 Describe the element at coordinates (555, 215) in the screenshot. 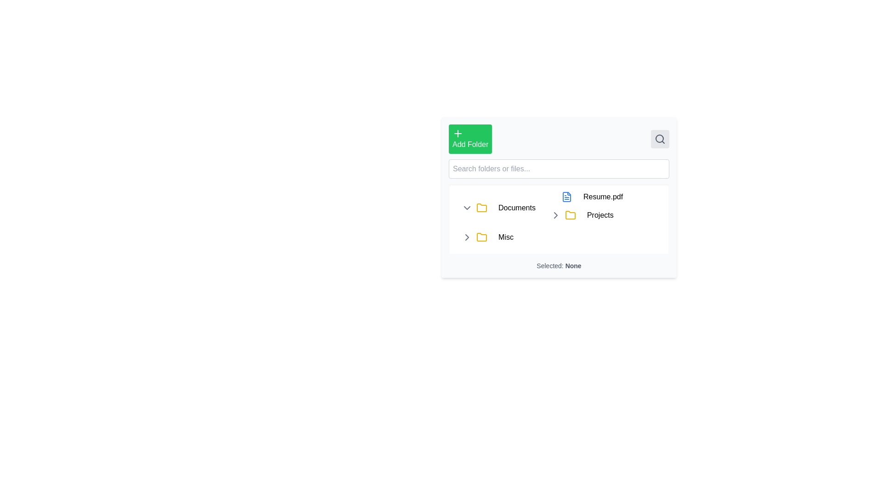

I see `the leftmost icon next to the 'Projects' text` at that location.